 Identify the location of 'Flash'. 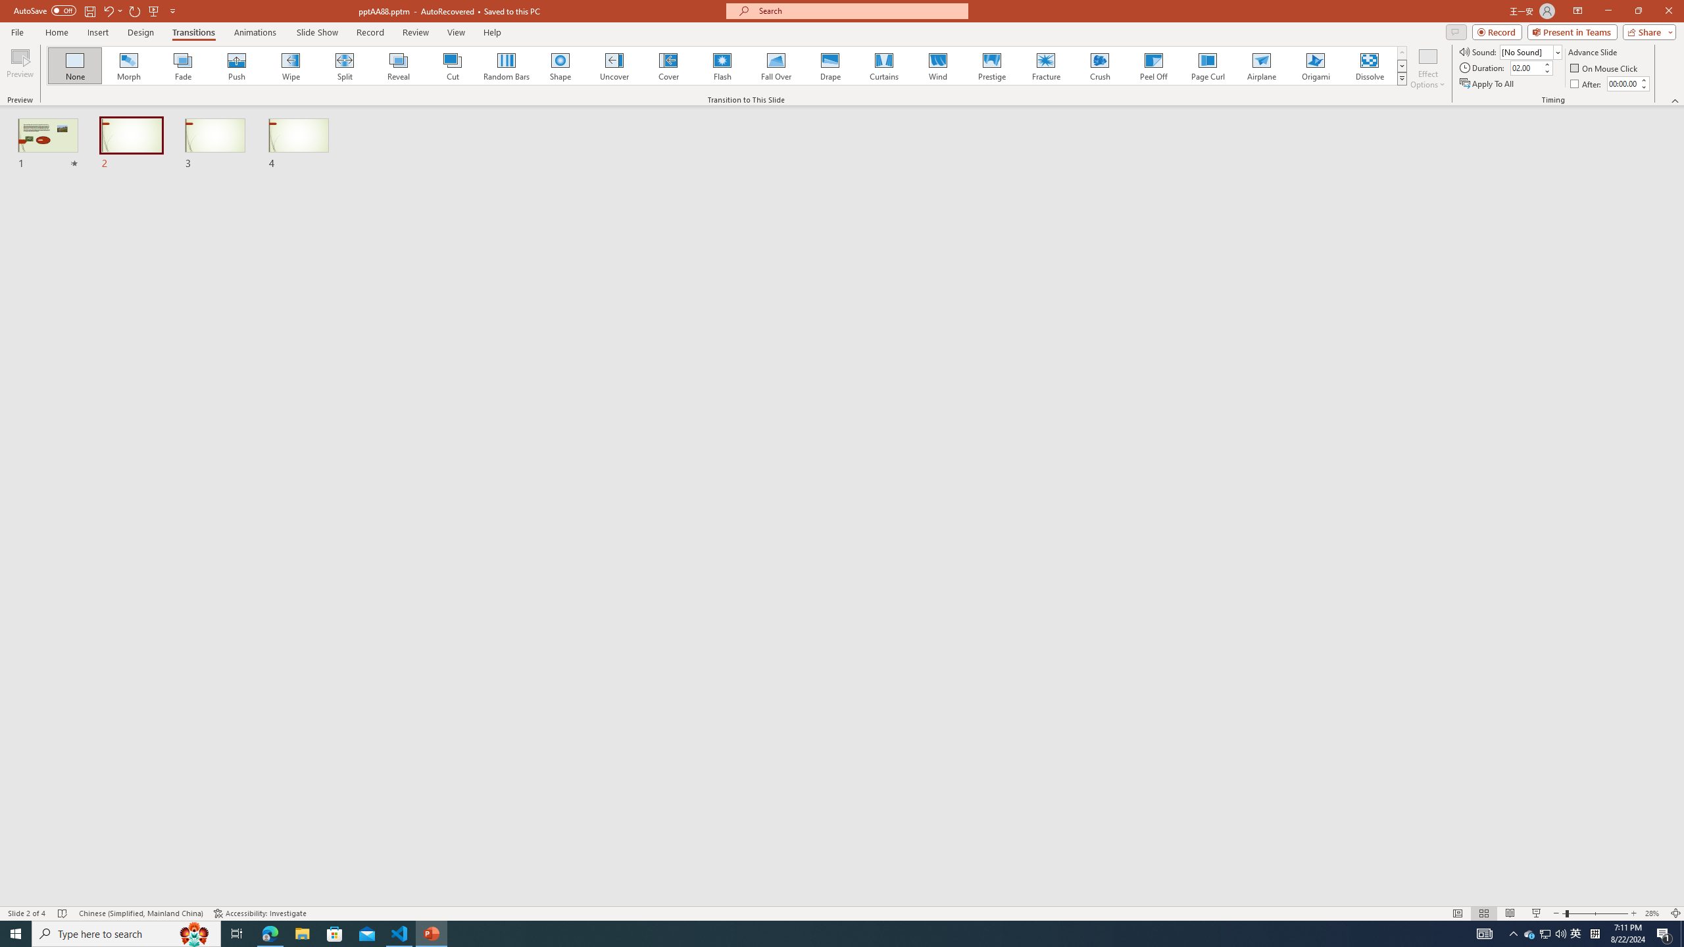
(722, 65).